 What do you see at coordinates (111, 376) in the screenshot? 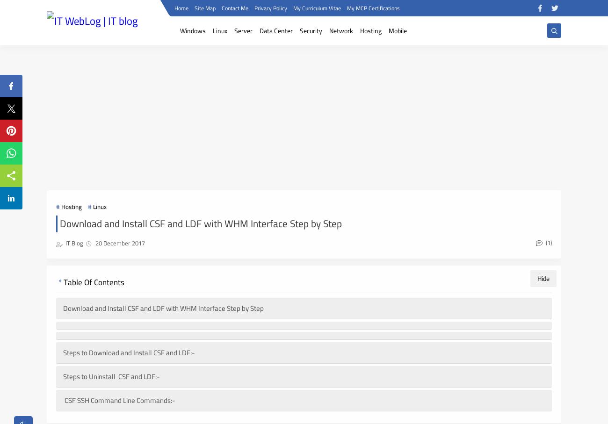
I see `'Steps to Uninstall  CSF and LDF:-'` at bounding box center [111, 376].